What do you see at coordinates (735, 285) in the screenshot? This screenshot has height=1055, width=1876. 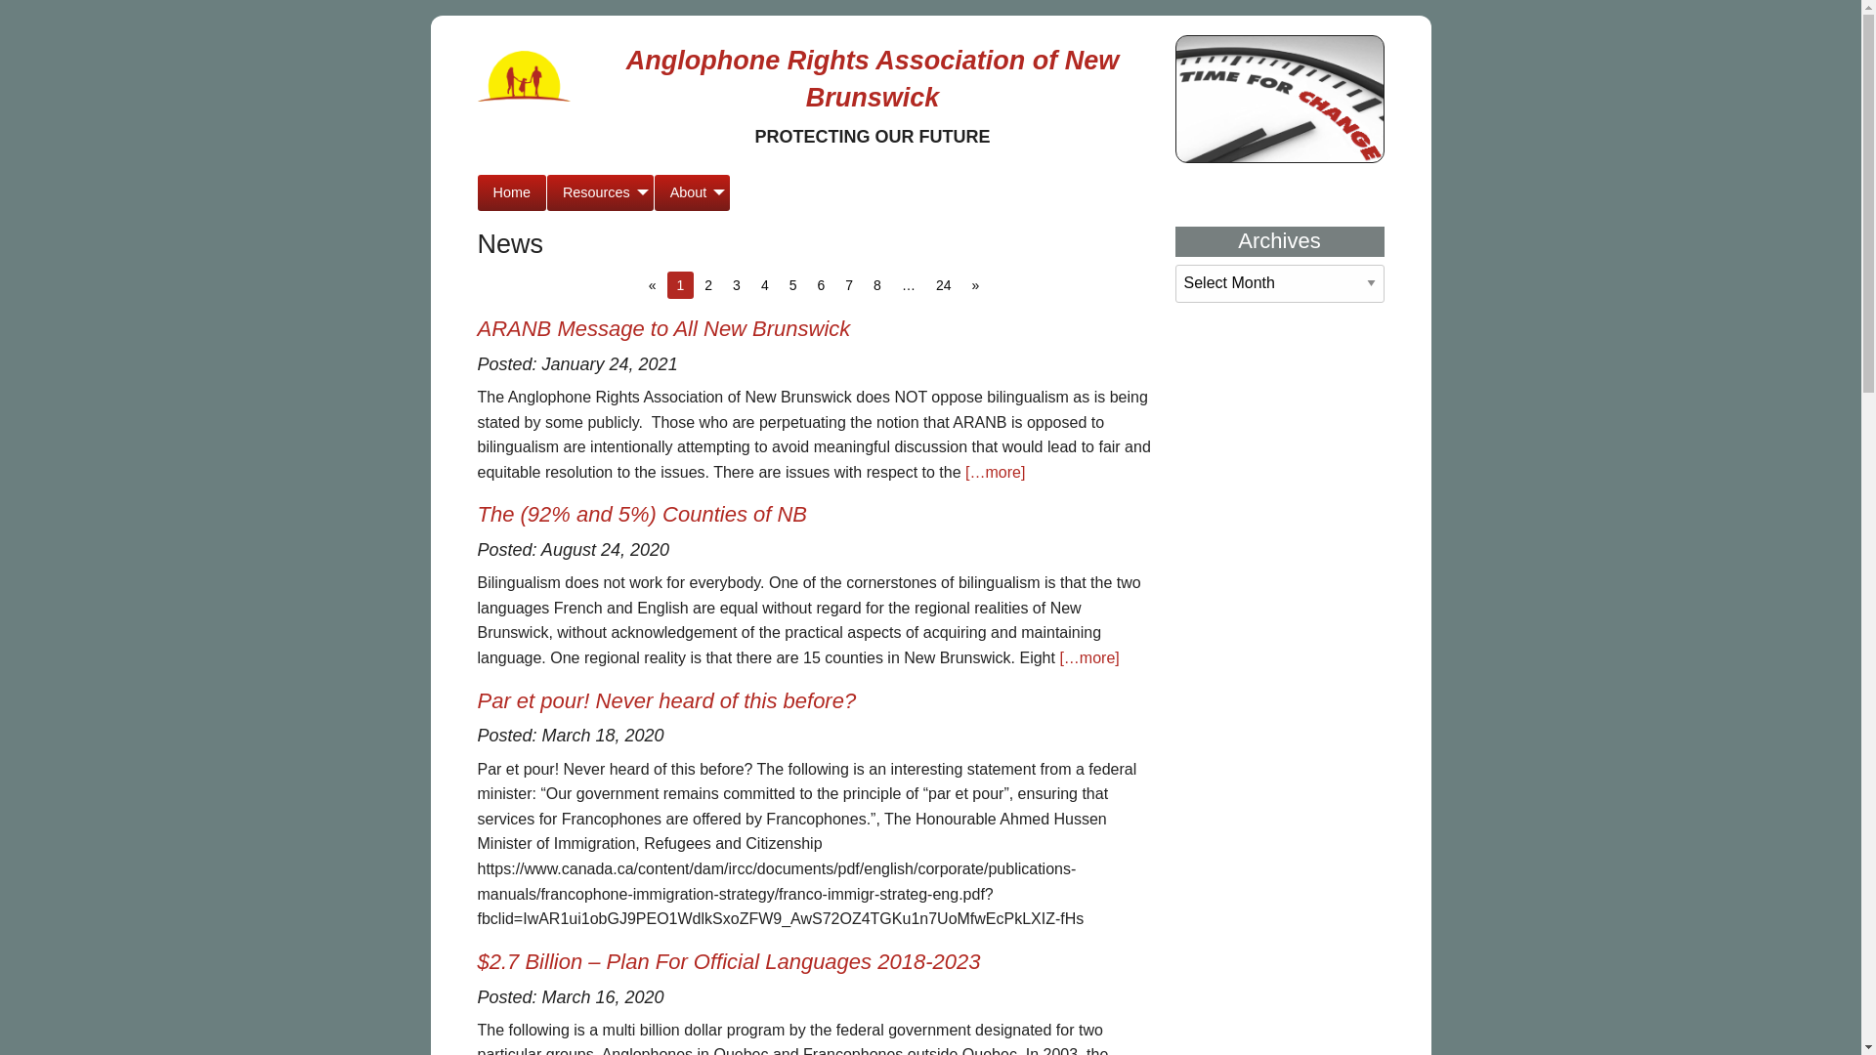 I see `'3'` at bounding box center [735, 285].